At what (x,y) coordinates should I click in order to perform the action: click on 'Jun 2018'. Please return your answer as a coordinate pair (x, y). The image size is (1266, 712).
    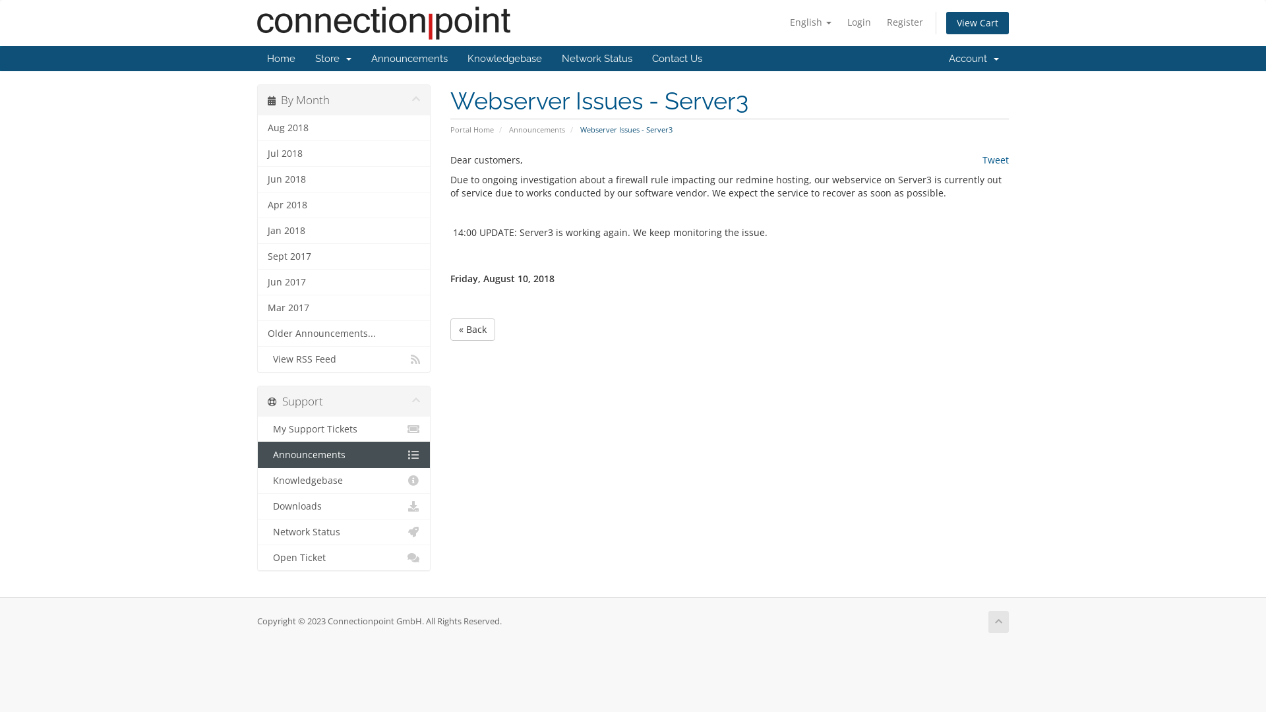
    Looking at the image, I should click on (344, 179).